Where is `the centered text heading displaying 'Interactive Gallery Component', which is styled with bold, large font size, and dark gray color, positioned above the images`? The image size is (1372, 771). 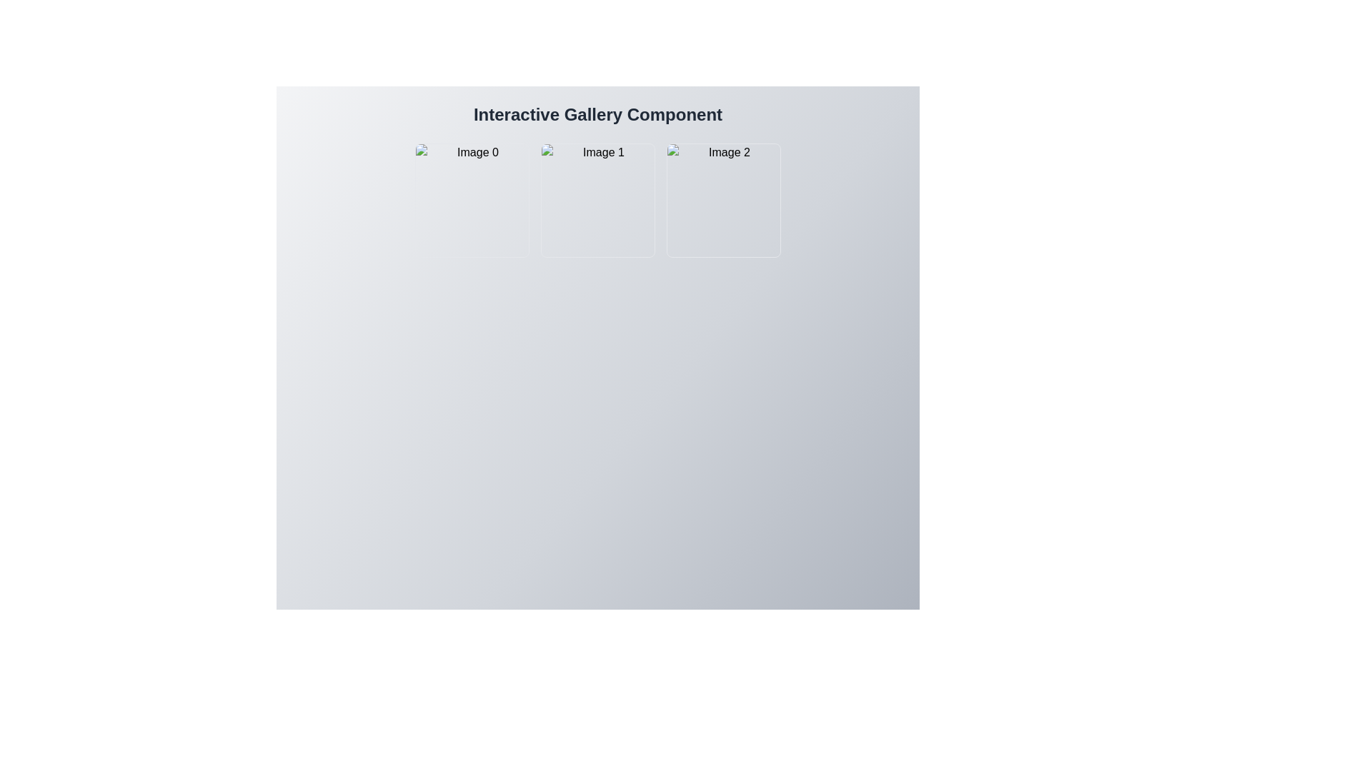
the centered text heading displaying 'Interactive Gallery Component', which is styled with bold, large font size, and dark gray color, positioned above the images is located at coordinates (597, 114).